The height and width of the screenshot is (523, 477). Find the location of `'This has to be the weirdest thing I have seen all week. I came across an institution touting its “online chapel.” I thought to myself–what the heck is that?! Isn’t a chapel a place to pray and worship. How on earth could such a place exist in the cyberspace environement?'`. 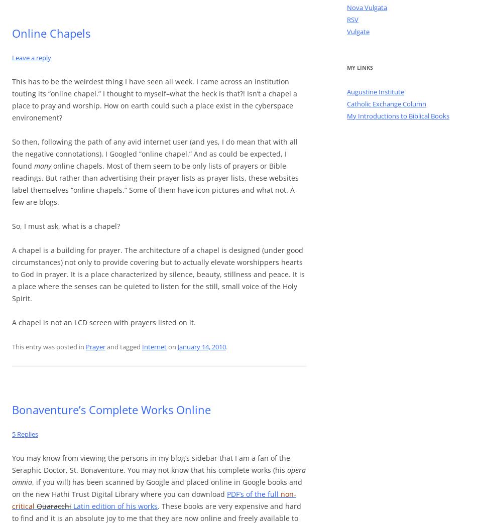

'This has to be the weirdest thing I have seen all week. I came across an institution touting its “online chapel.” I thought to myself–what the heck is that?! Isn’t a chapel a place to pray and worship. How on earth could such a place exist in the cyberspace environement?' is located at coordinates (154, 98).